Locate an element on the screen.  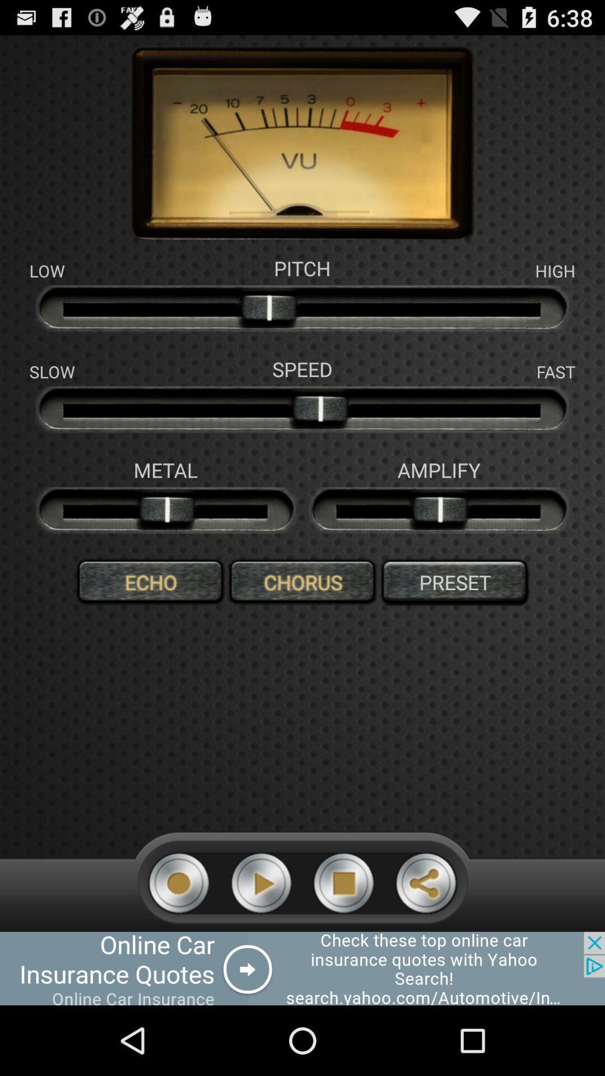
record microphone is located at coordinates (178, 883).